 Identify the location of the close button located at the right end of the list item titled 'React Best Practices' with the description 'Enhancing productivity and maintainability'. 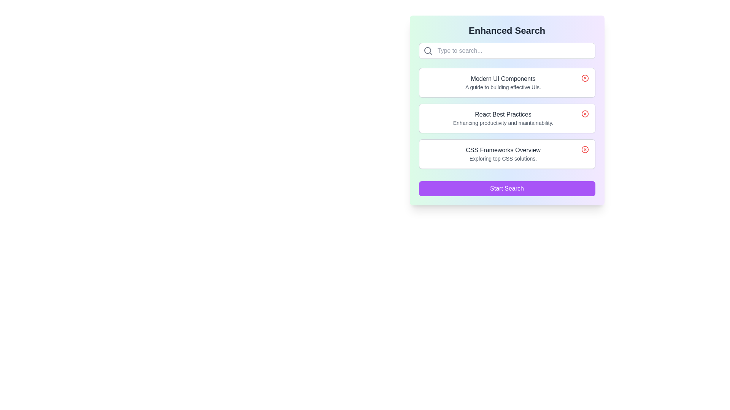
(584, 114).